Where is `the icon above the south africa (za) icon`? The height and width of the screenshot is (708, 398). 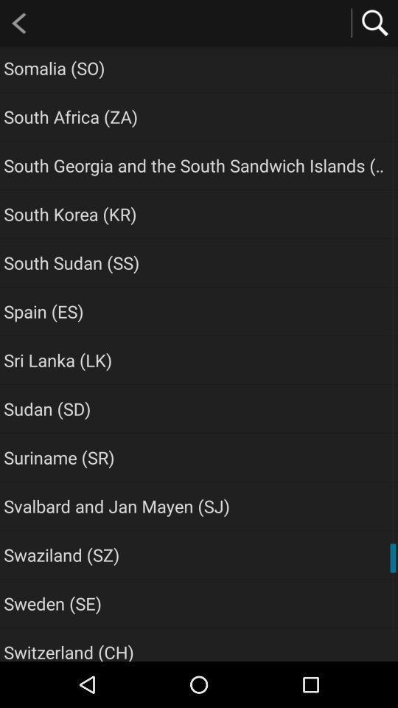 the icon above the south africa (za) icon is located at coordinates (53, 68).